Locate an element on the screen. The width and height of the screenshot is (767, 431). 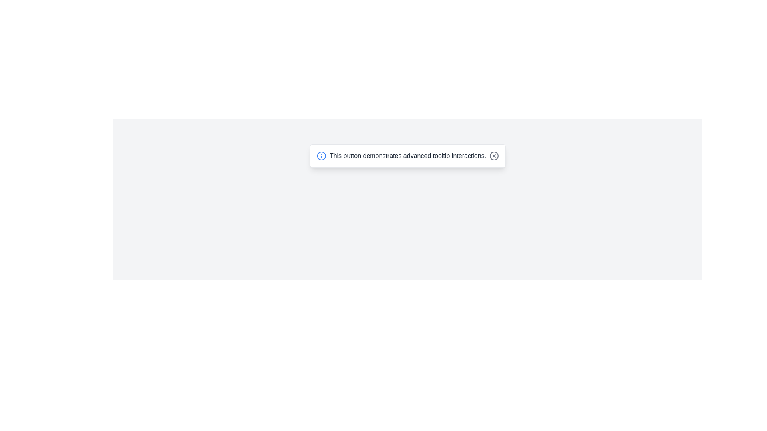
the 'X' icon button styled in gray, located at the right-most position in the horizontal group containing an informational icon and descriptive text is located at coordinates (494, 156).